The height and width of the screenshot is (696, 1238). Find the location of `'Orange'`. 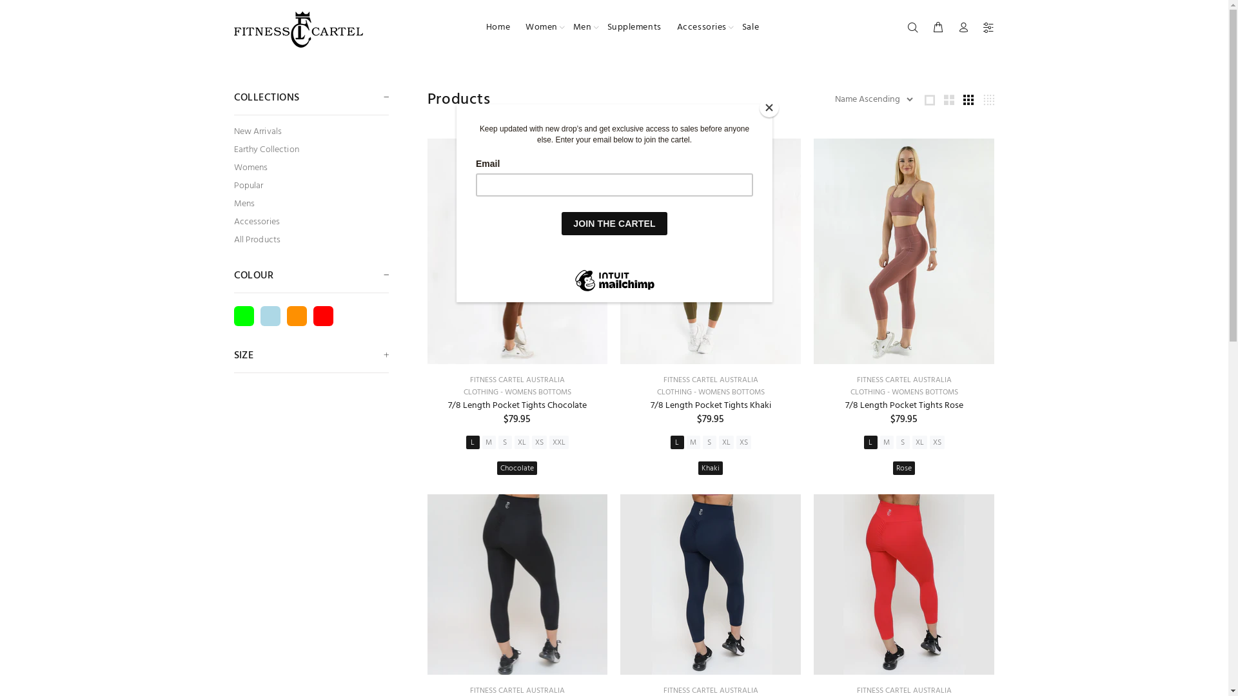

'Orange' is located at coordinates (295, 316).